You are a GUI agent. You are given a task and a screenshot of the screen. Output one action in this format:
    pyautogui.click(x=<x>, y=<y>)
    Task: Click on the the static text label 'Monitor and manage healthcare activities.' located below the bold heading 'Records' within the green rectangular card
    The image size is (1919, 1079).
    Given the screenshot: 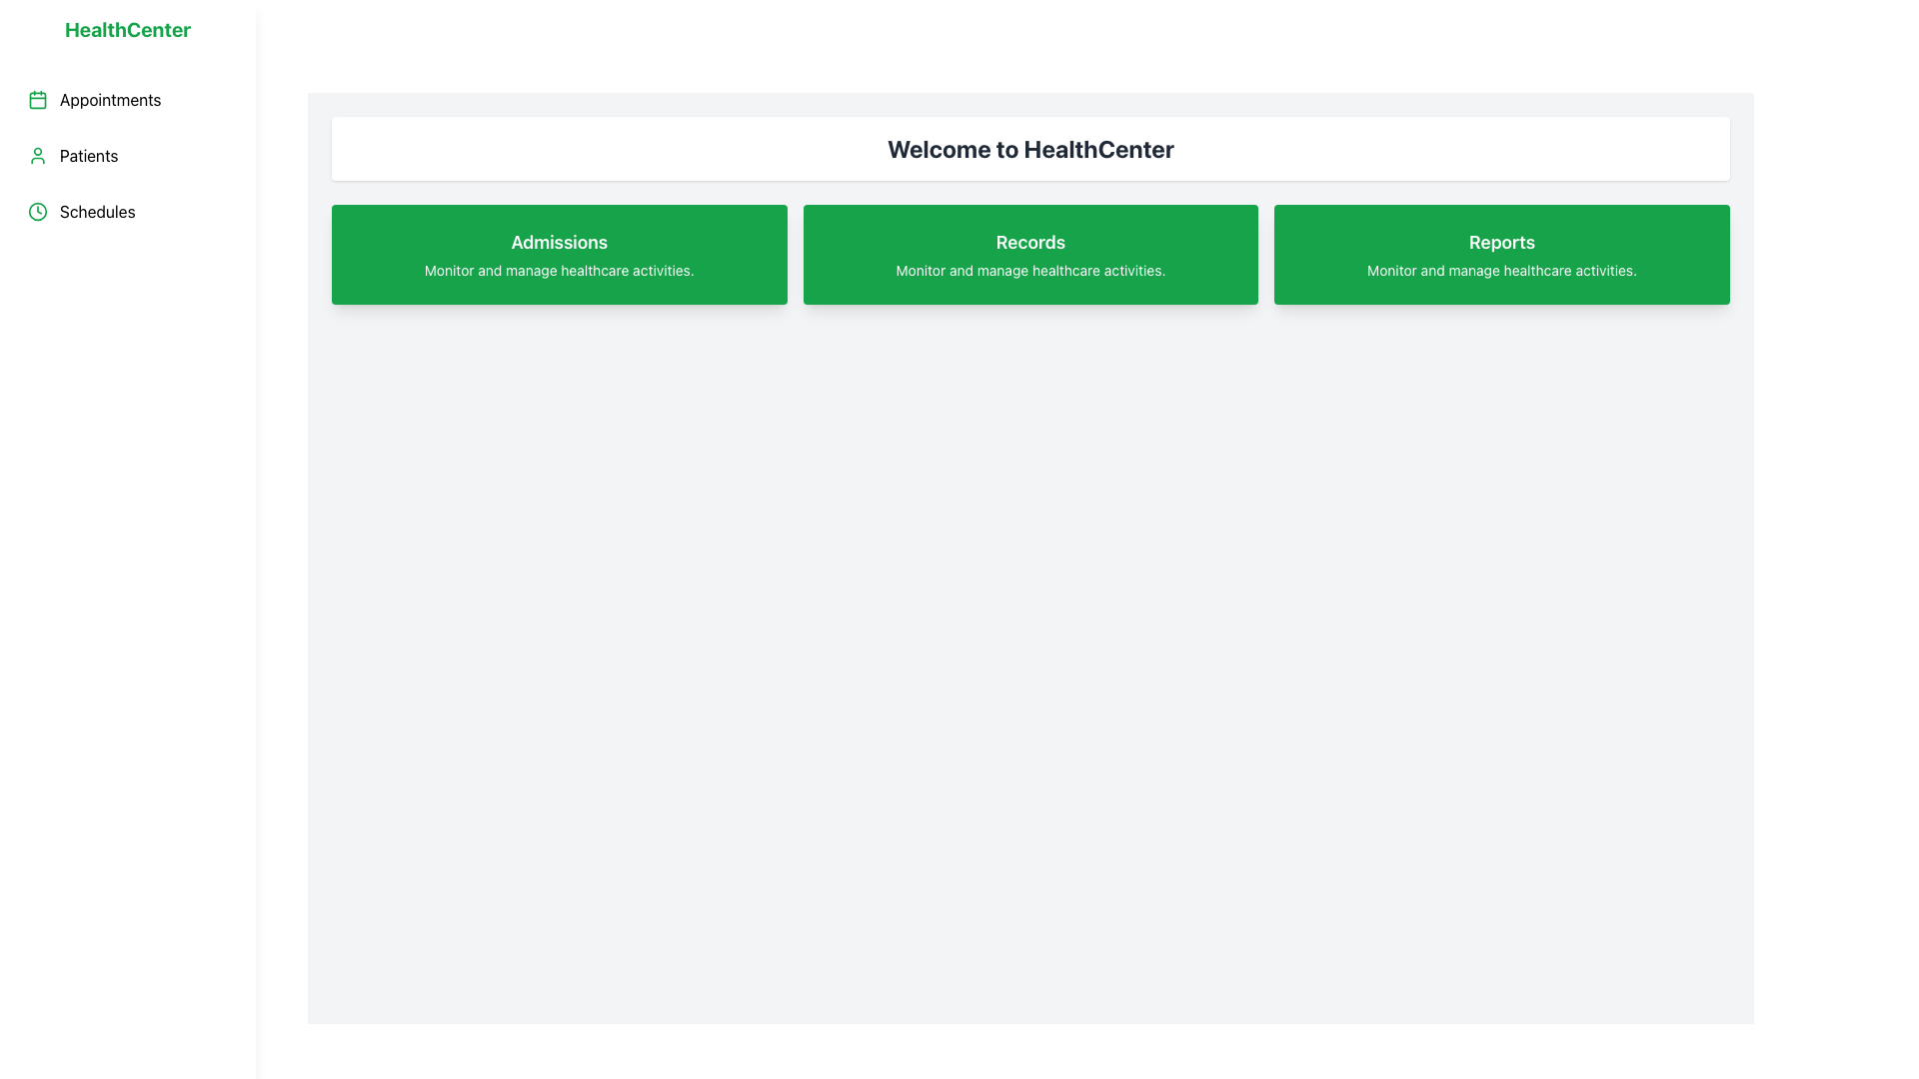 What is the action you would take?
    pyautogui.click(x=1030, y=270)
    